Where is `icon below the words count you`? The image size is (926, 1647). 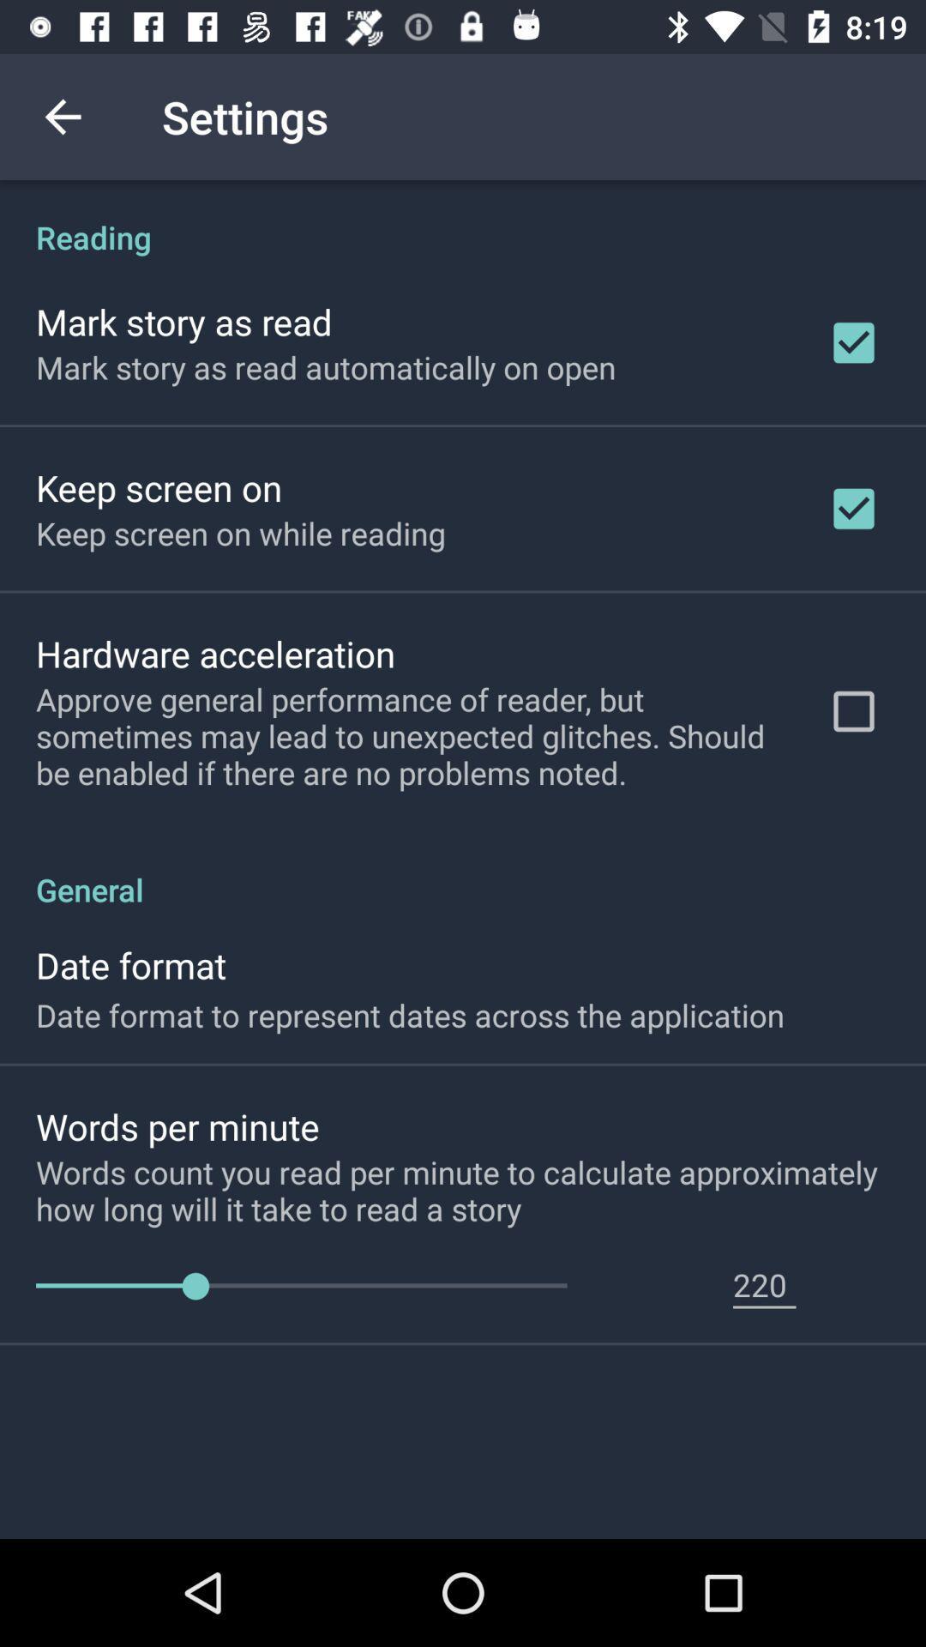 icon below the words count you is located at coordinates (763, 1284).